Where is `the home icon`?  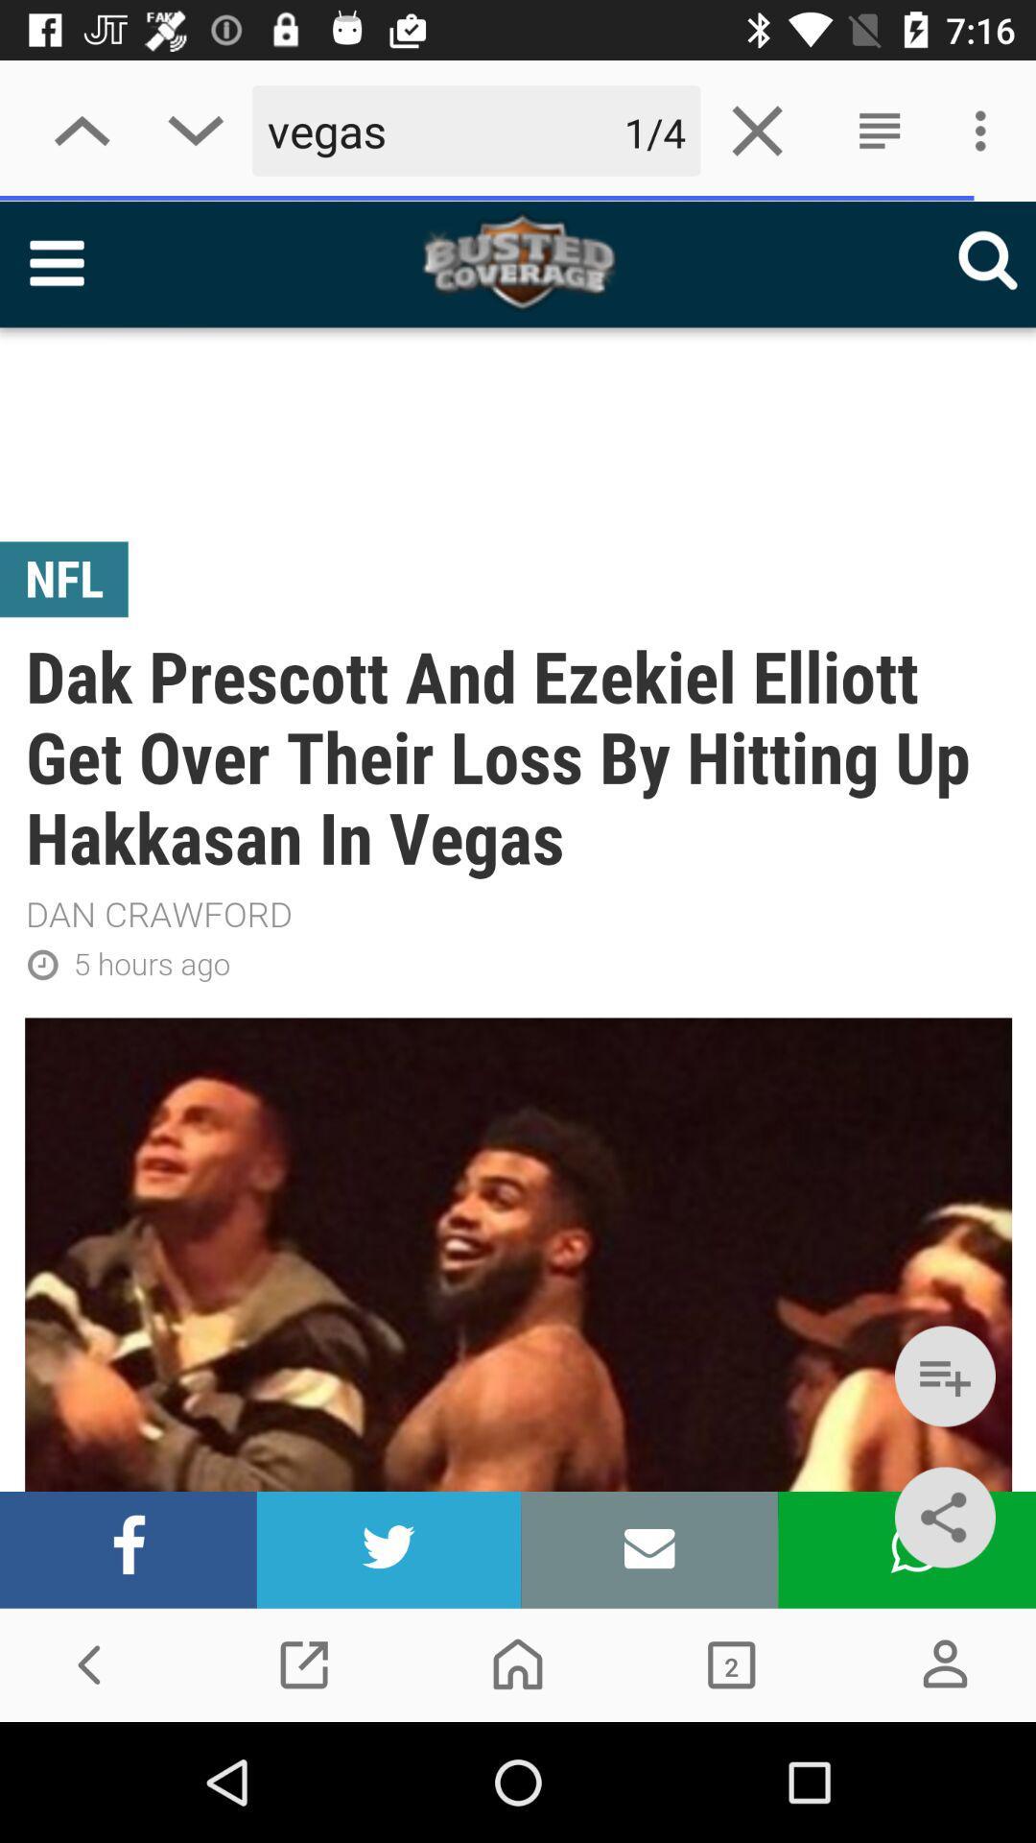 the home icon is located at coordinates (518, 1663).